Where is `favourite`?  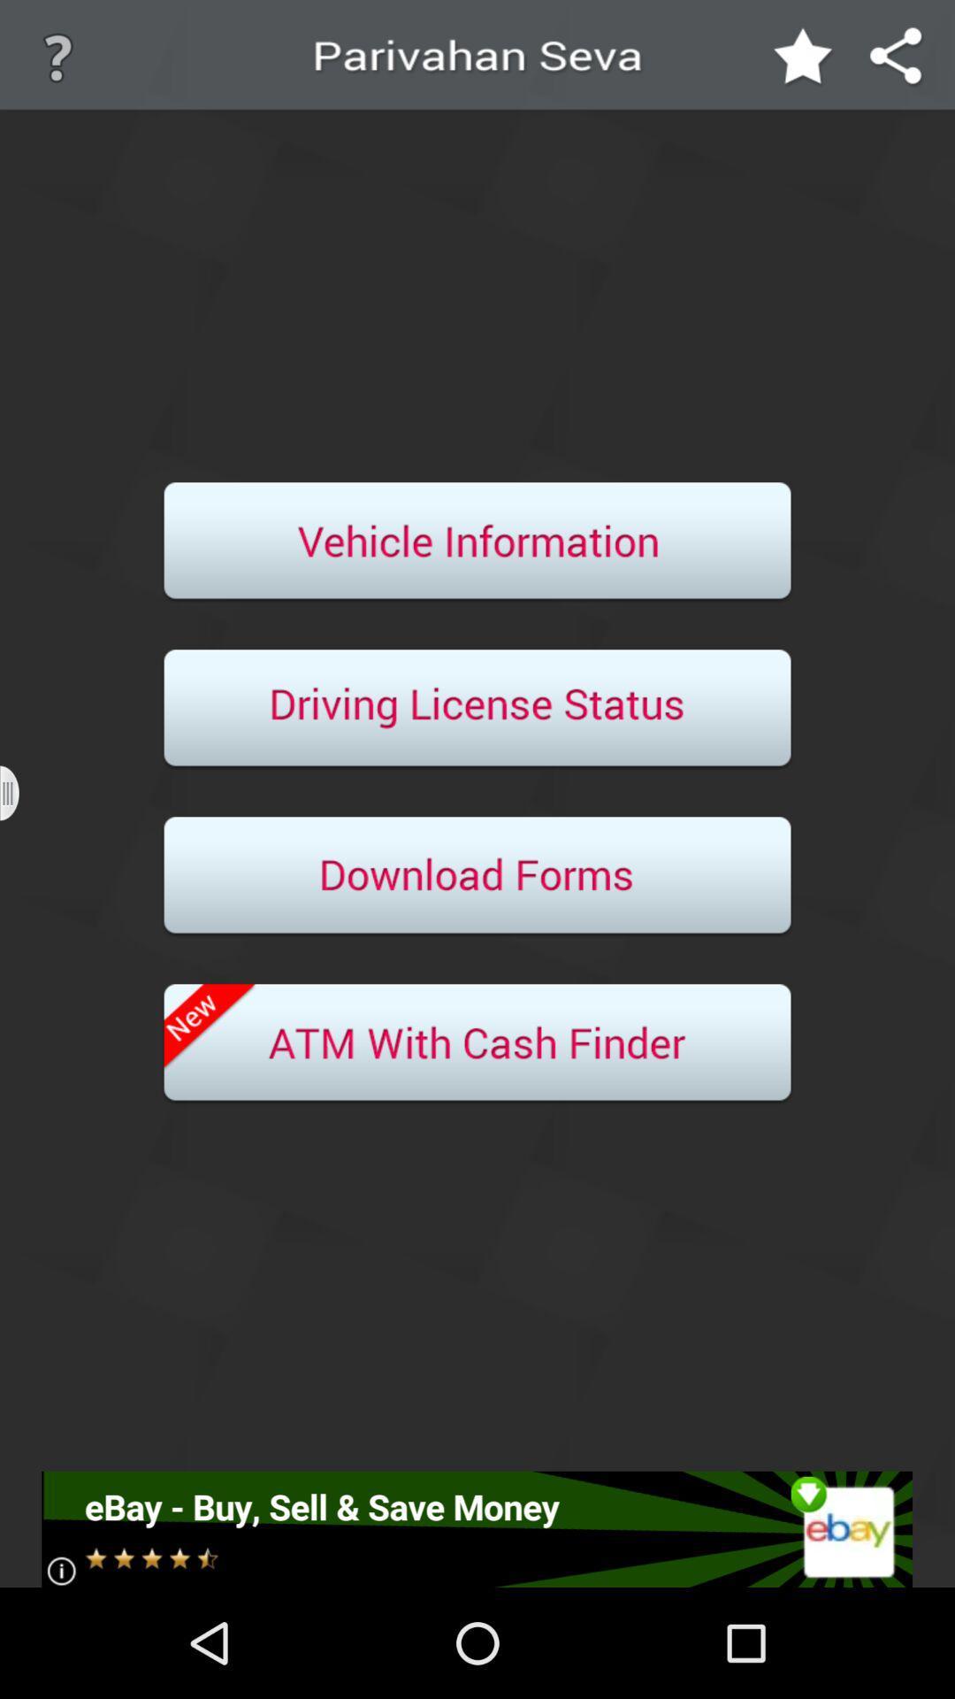
favourite is located at coordinates (804, 58).